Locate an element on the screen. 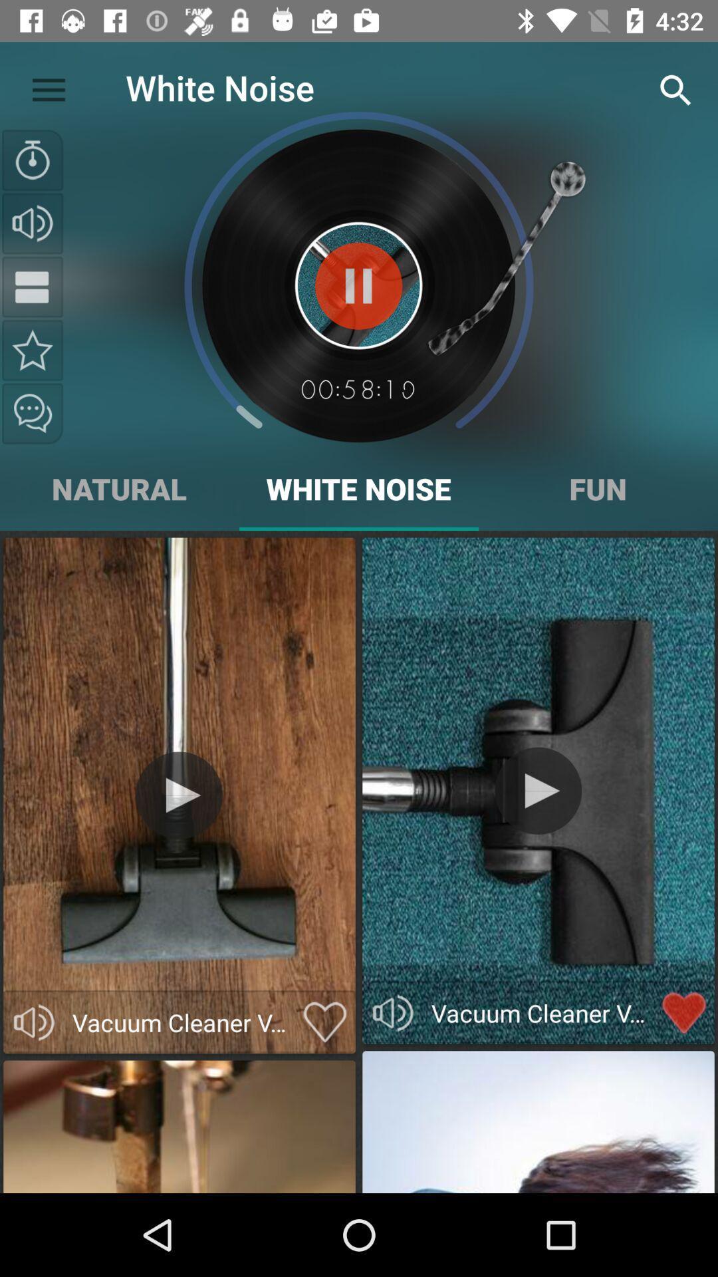 The width and height of the screenshot is (718, 1277). turn up volume is located at coordinates (32, 223).